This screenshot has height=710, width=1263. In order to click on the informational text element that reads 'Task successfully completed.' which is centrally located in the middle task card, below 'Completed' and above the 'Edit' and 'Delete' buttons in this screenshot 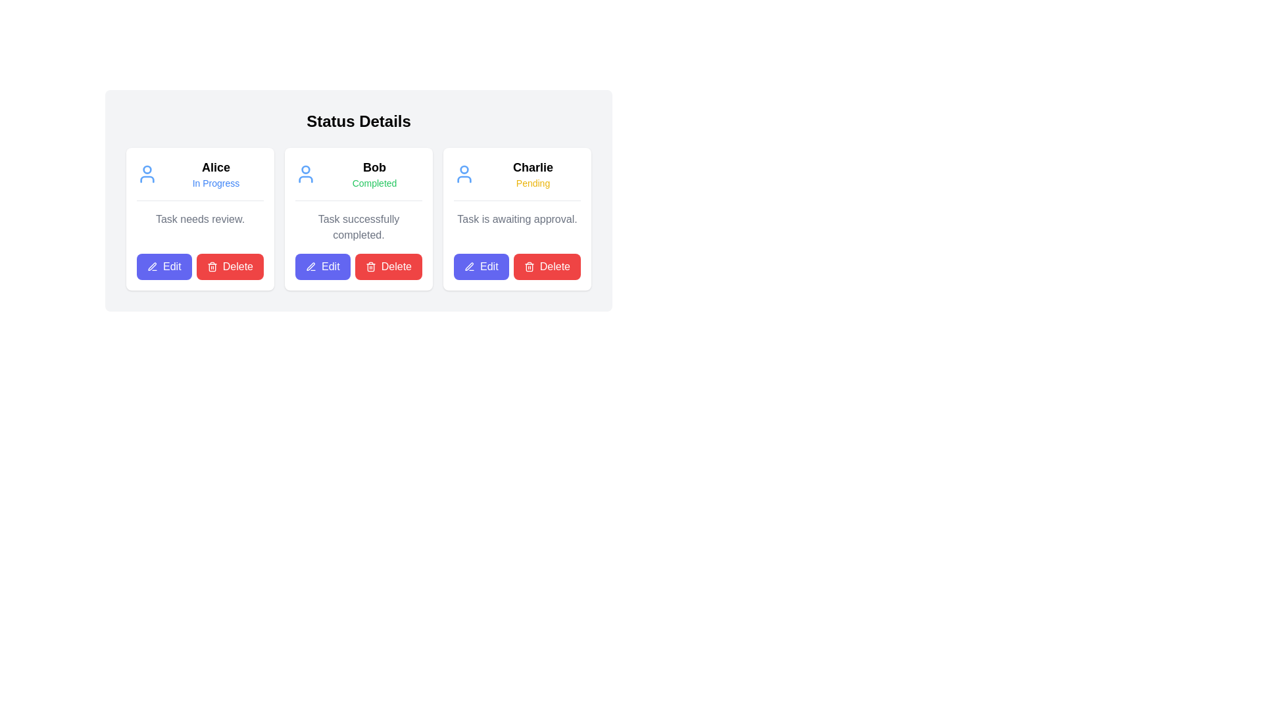, I will do `click(359, 227)`.